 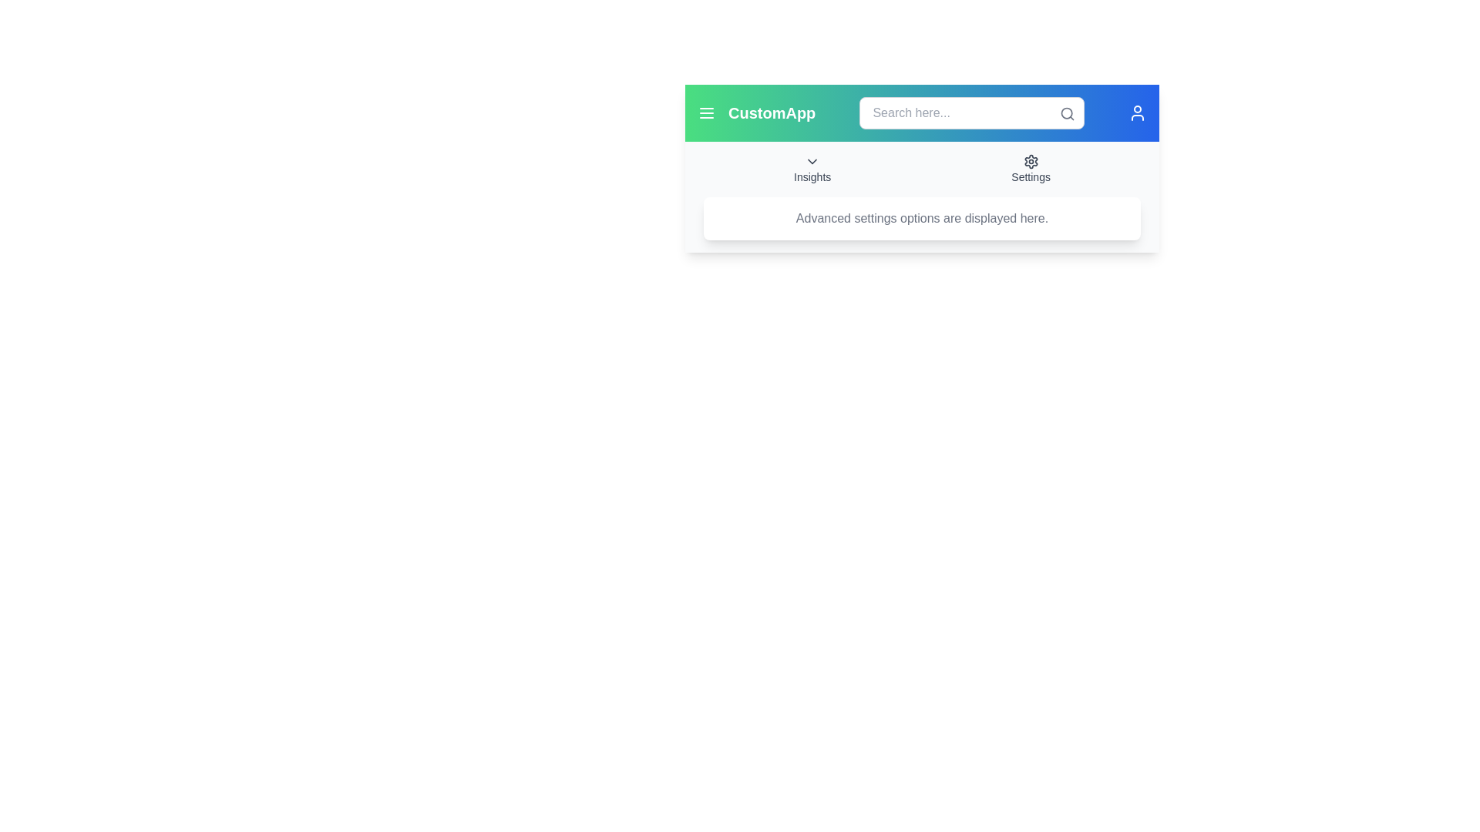 I want to click on the hamburger menu button located to the left of the 'CustomApp' text, so click(x=705, y=112).